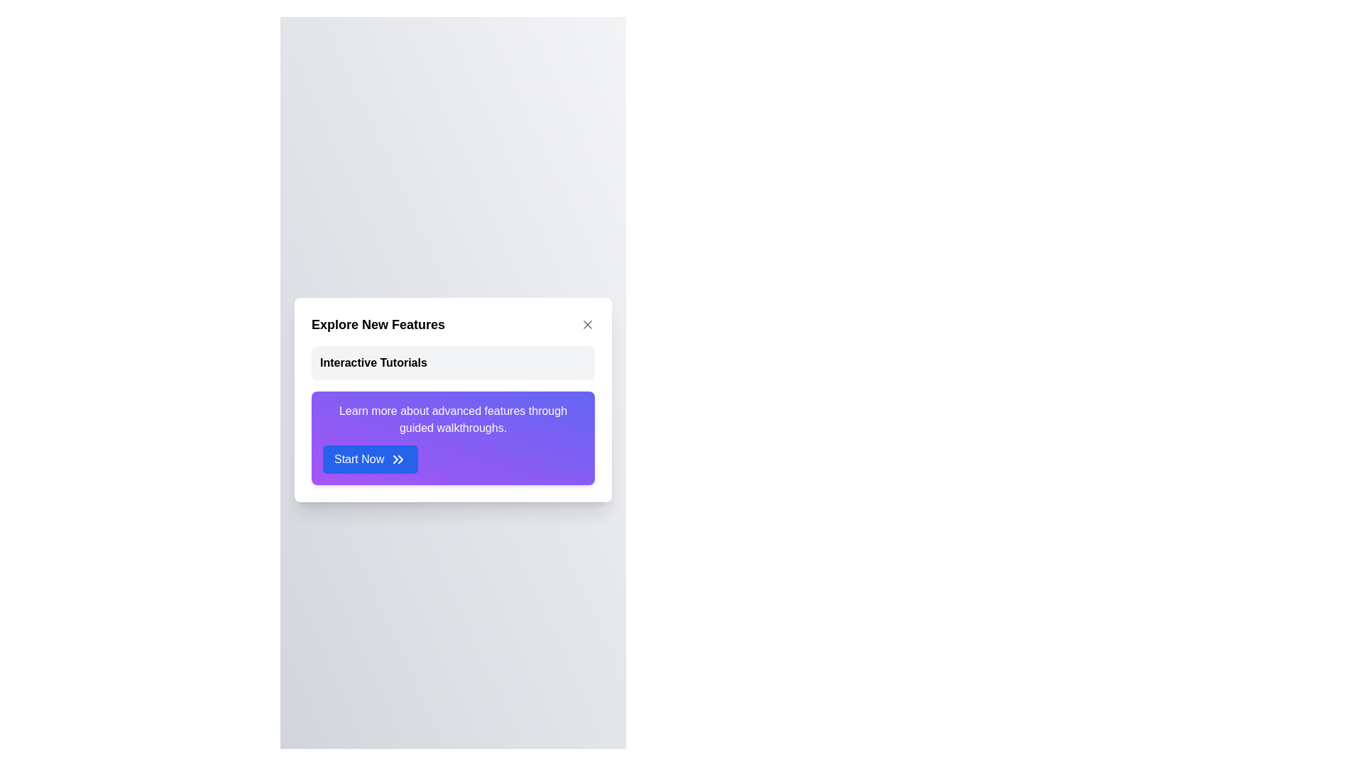 The width and height of the screenshot is (1363, 766). What do you see at coordinates (398, 460) in the screenshot?
I see `the right-pointing chevrons SVG icon within the 'Start Now' button` at bounding box center [398, 460].